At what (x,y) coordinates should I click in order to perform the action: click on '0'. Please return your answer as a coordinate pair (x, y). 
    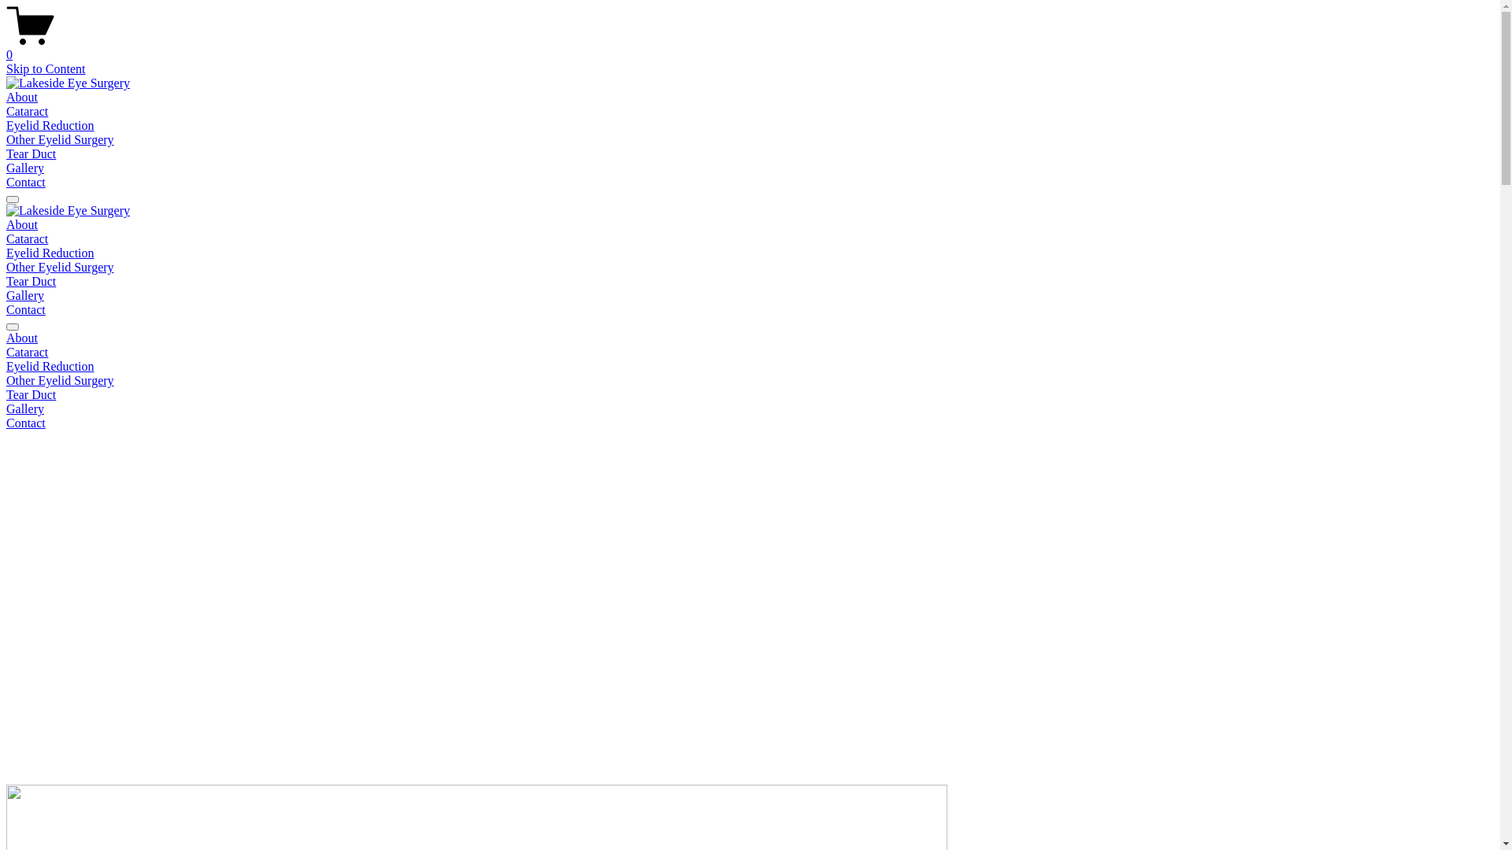
    Looking at the image, I should click on (749, 47).